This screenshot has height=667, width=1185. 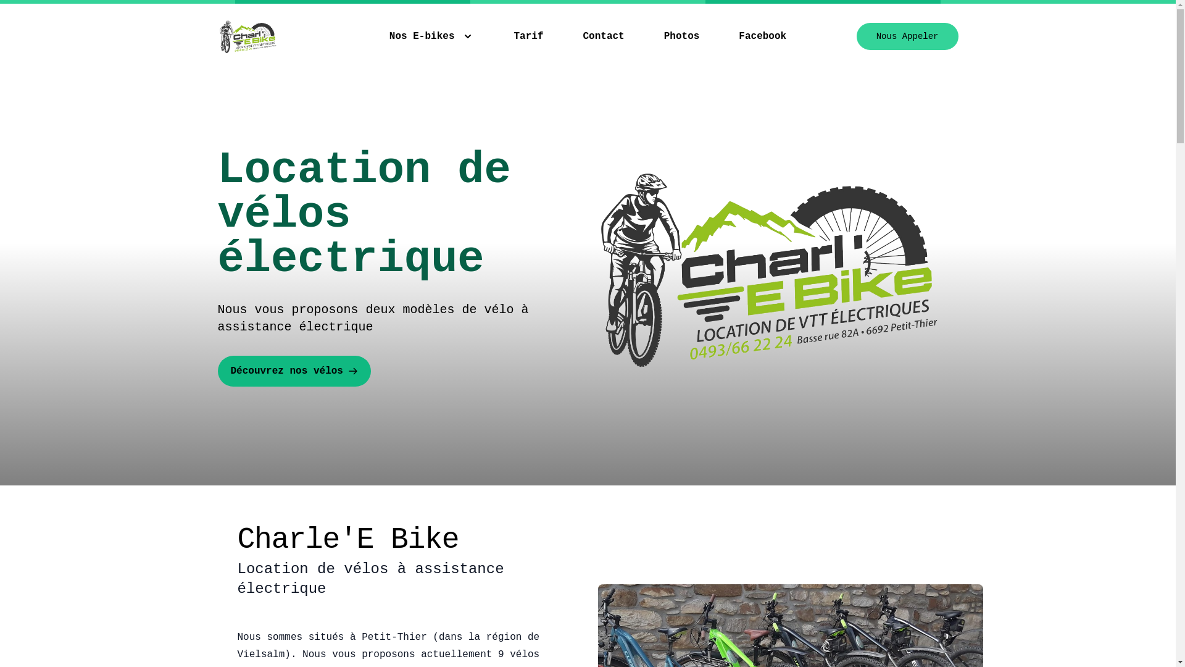 I want to click on 'Tarif', so click(x=528, y=35).